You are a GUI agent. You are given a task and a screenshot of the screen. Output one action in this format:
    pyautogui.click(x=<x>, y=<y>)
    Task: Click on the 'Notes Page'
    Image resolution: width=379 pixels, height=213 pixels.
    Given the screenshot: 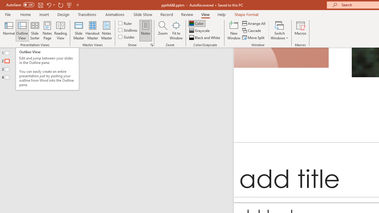 What is the action you would take?
    pyautogui.click(x=47, y=30)
    